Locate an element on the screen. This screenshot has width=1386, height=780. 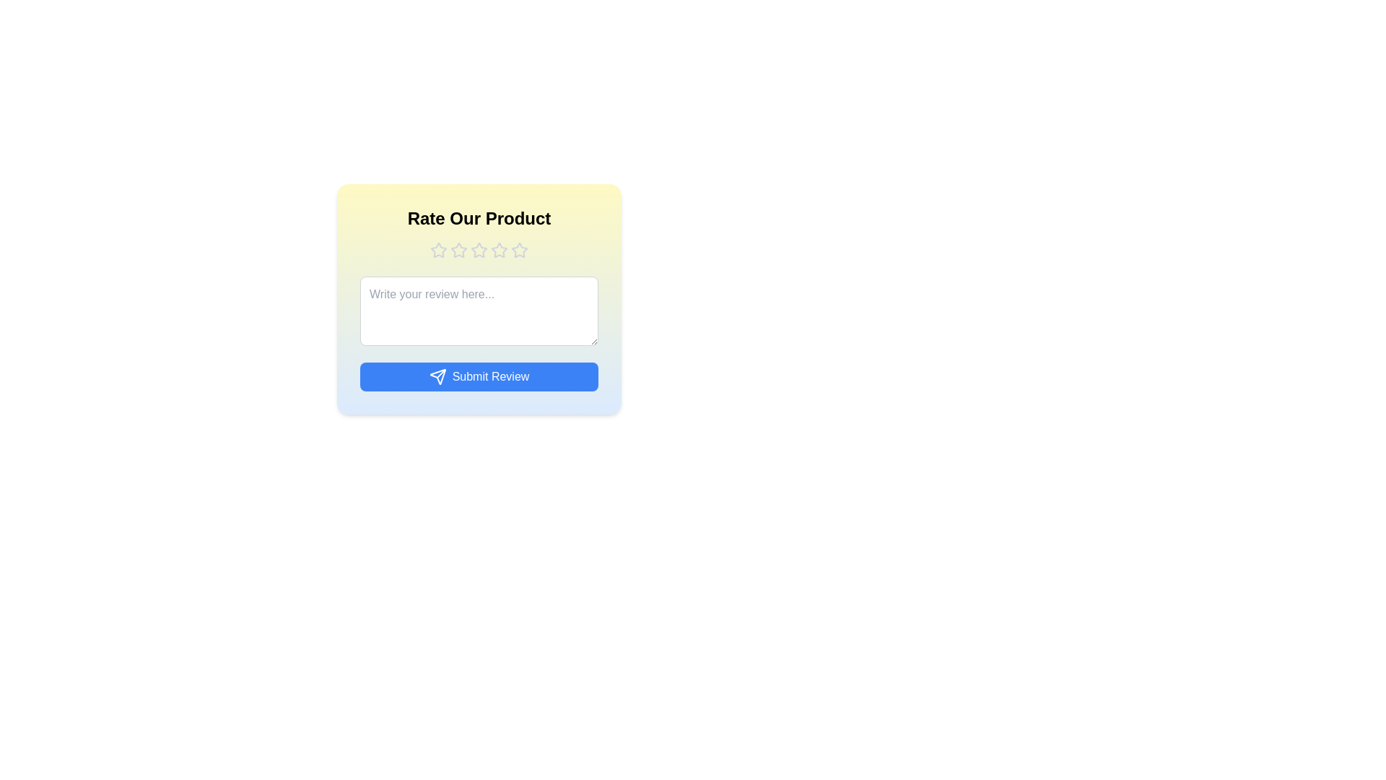
the product rating to 5 stars by clicking on the corresponding star is located at coordinates (520, 250).